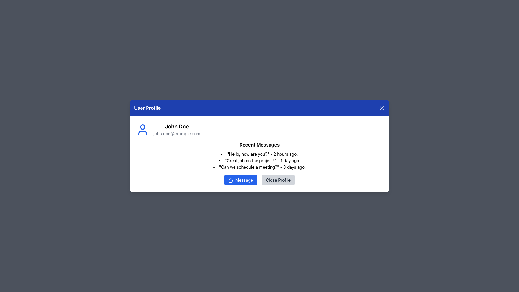 Image resolution: width=519 pixels, height=292 pixels. Describe the element at coordinates (259, 160) in the screenshot. I see `the text display element that contains the message 'Great job on the project!' in the recent messages list, which is styled with a black bullet point and located second in the list` at that location.